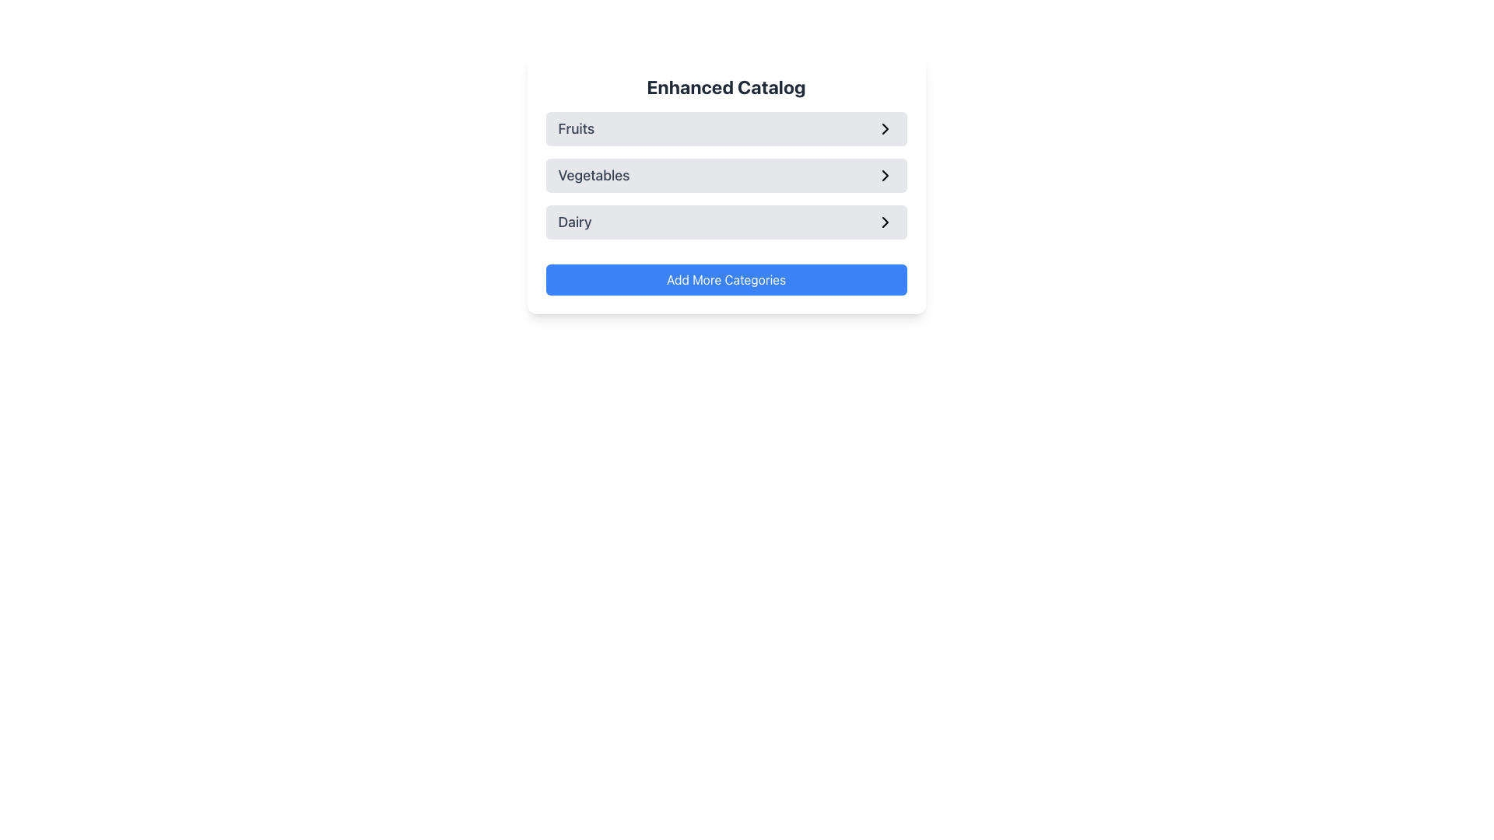  Describe the element at coordinates (725, 128) in the screenshot. I see `the 'Fruits' button, which is a light gray rectangular box with rounded corners, displaying the word 'Fruits' in bold dark gray font` at that location.